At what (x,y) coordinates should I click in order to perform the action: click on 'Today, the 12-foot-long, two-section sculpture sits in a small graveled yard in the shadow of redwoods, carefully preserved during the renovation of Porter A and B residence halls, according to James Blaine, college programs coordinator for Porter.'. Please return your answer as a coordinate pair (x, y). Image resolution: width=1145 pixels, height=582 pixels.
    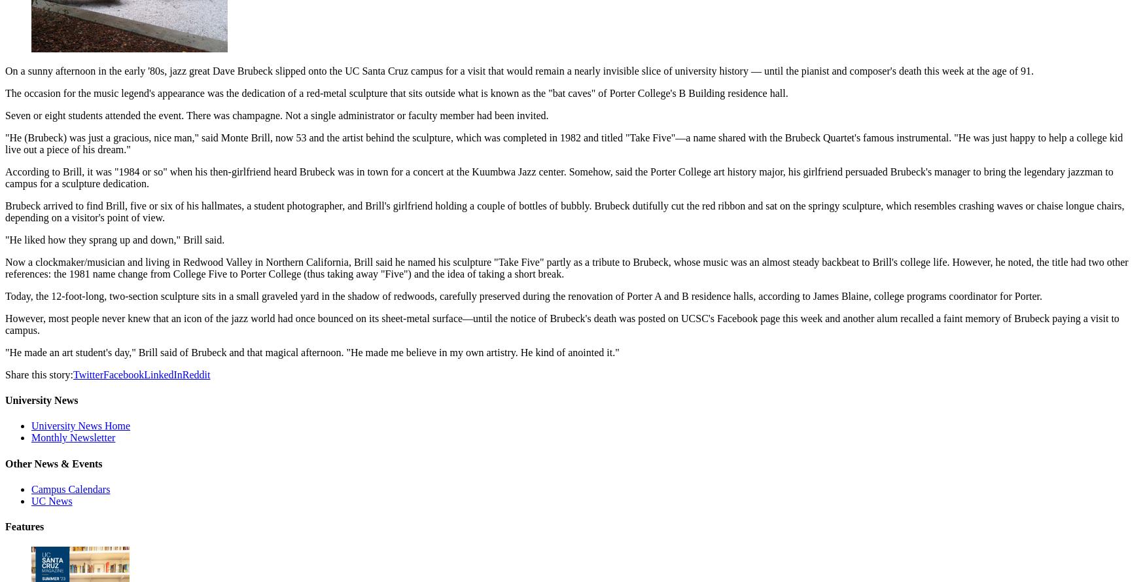
    Looking at the image, I should click on (522, 295).